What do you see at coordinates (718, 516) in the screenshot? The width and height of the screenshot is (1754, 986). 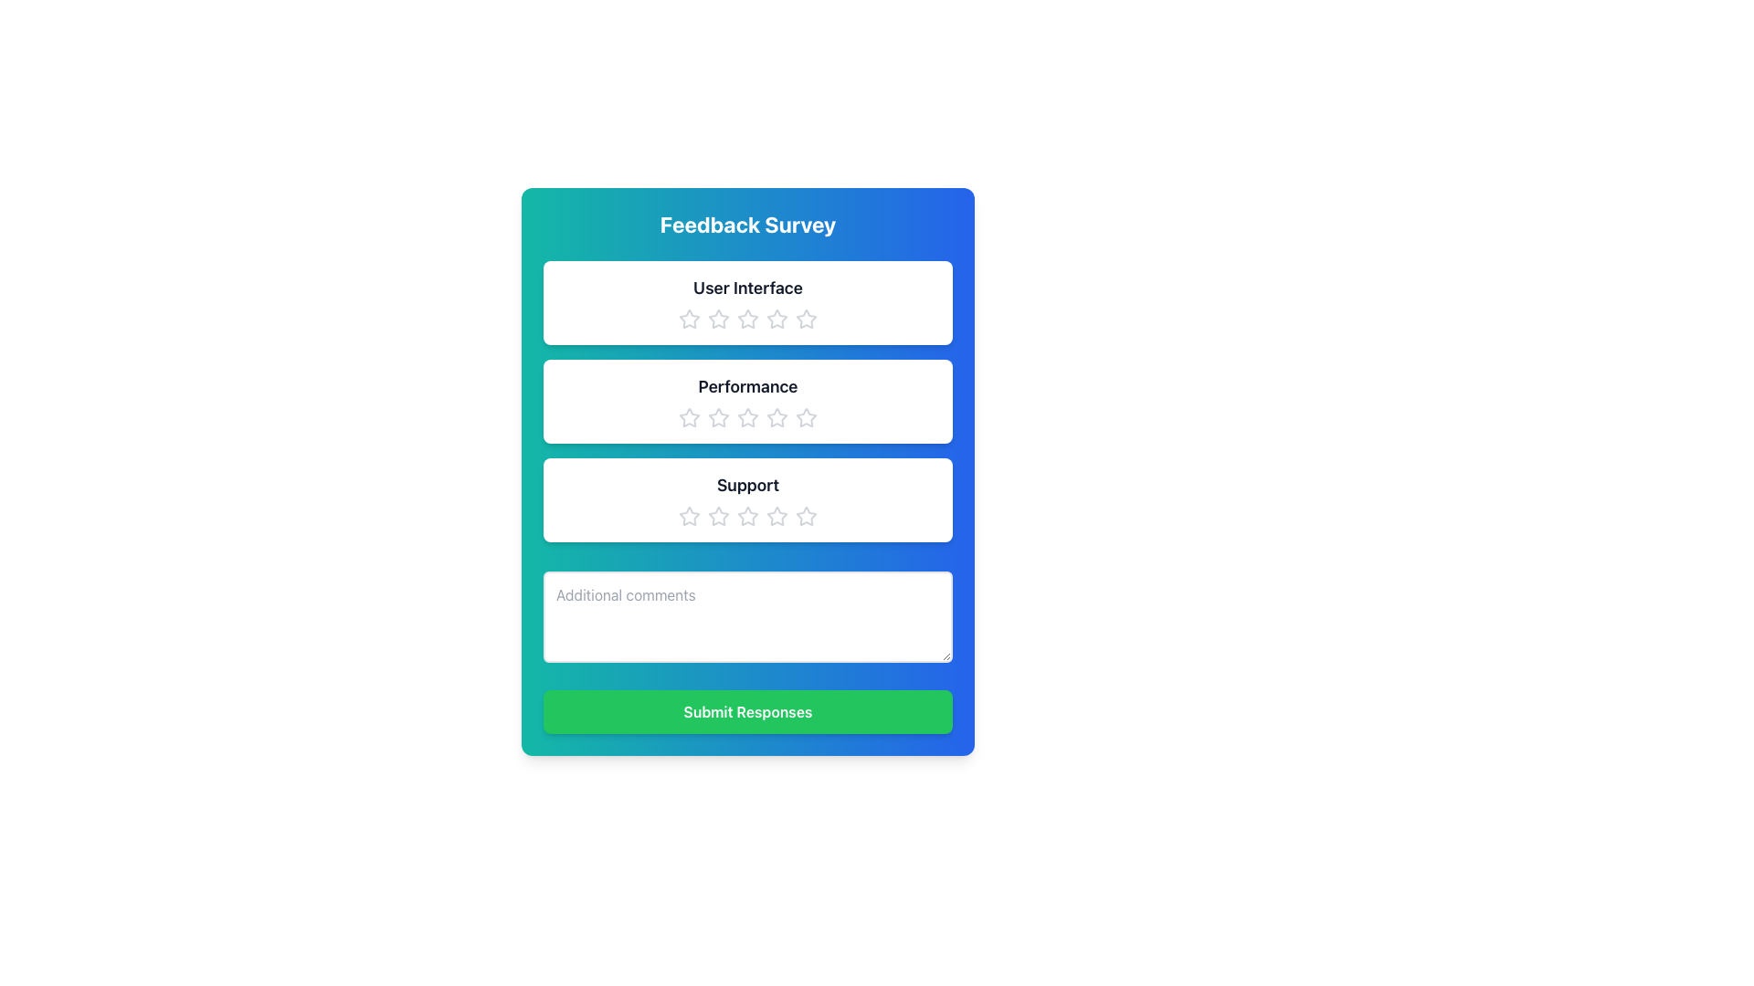 I see `the first star icon in the 'Support' category` at bounding box center [718, 516].